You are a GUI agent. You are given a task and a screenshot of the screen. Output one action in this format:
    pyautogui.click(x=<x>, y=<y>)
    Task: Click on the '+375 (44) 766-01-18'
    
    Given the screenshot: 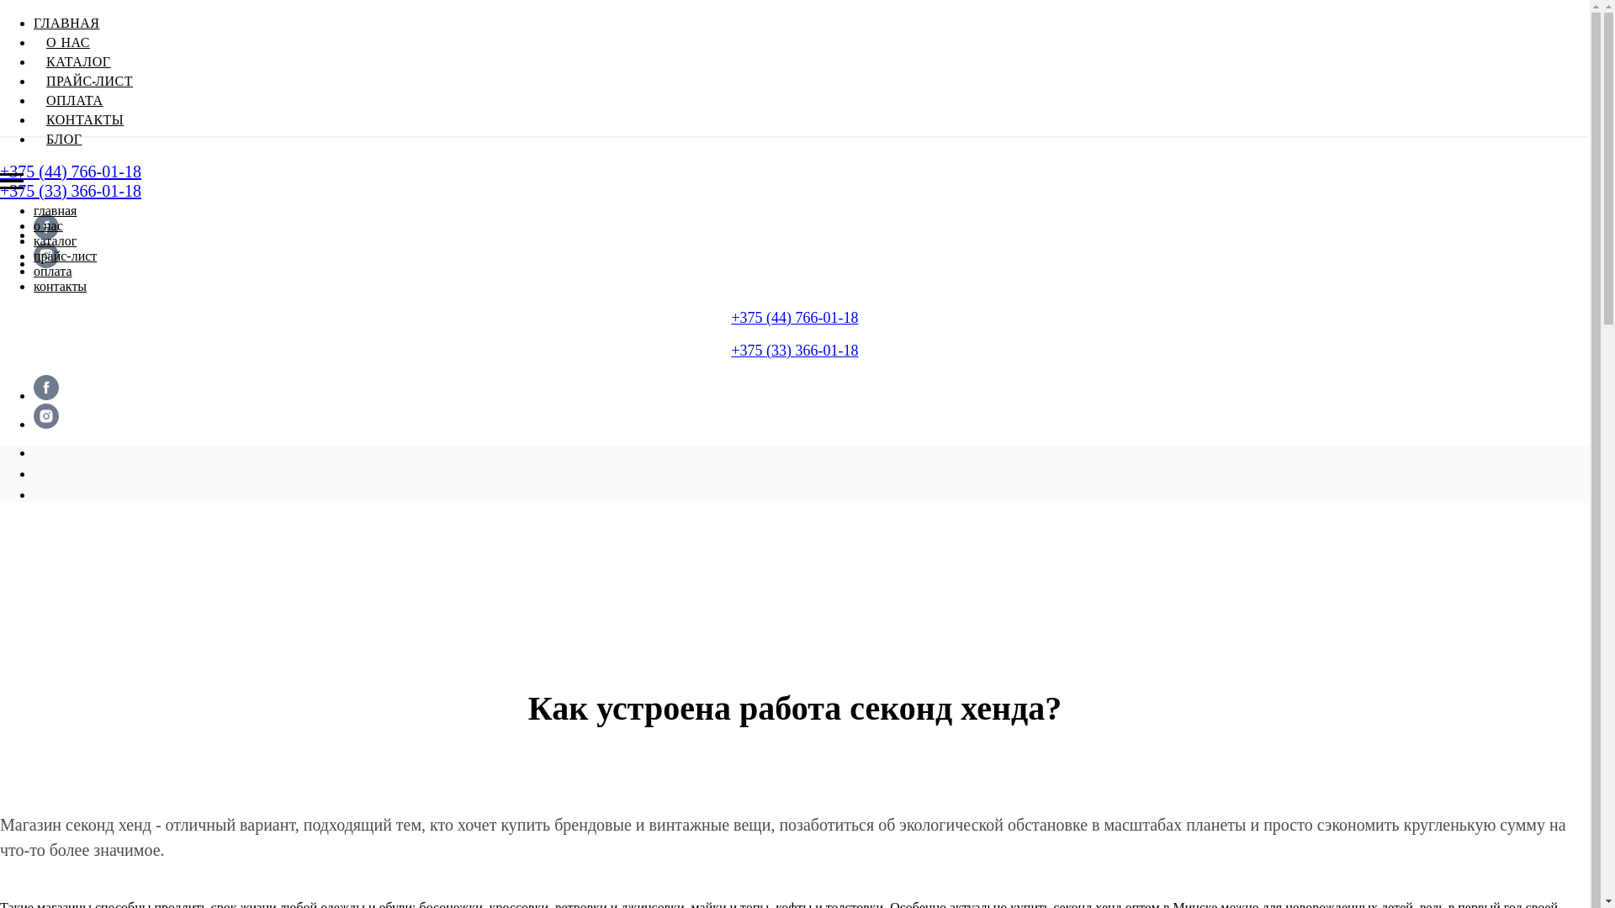 What is the action you would take?
    pyautogui.click(x=69, y=172)
    